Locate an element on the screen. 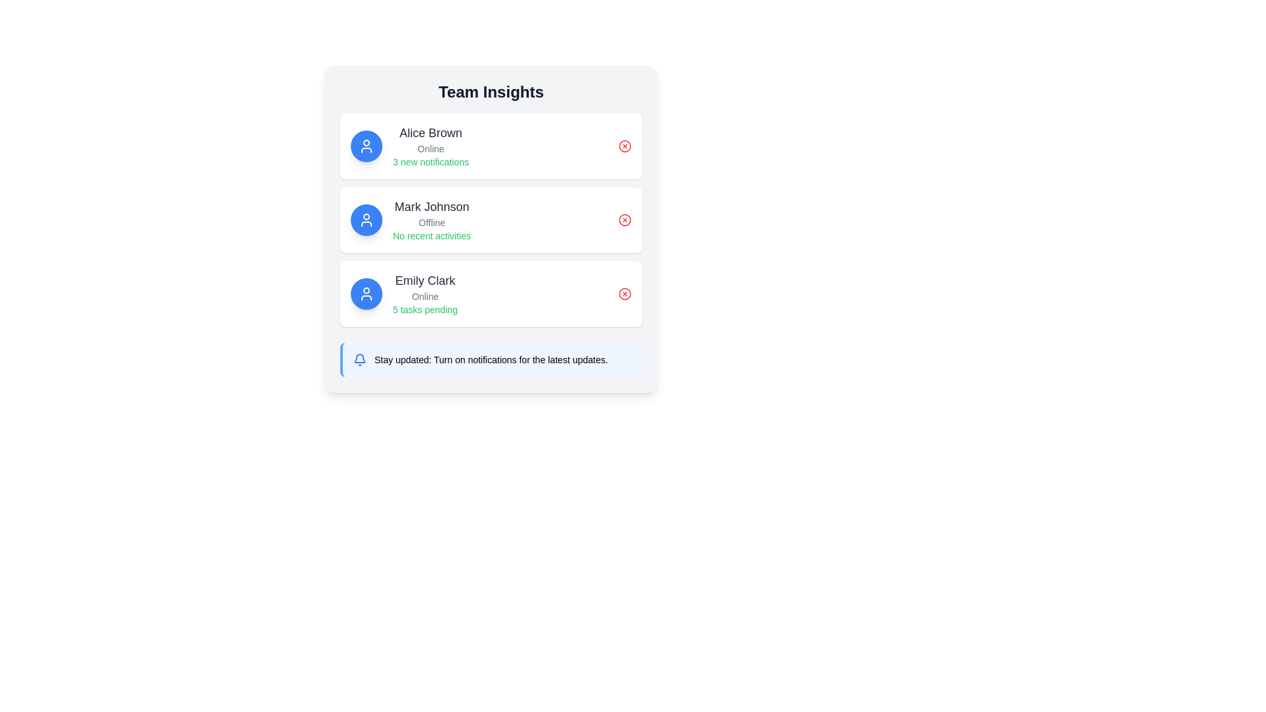 This screenshot has width=1266, height=712. text label that displays the message 'Stay updated: Turn on notifications for the latest updates.' positioned to the right of the bell icon within the information panel for user notifications is located at coordinates (491, 360).